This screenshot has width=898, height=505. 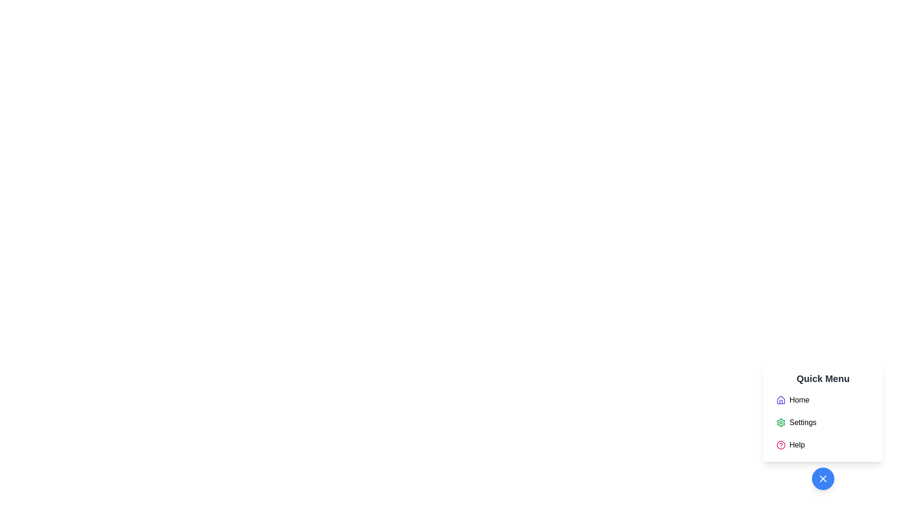 I want to click on the help text label located in the 'Quick Menu' popup panel, which is the last item in a vertical list, so click(x=797, y=445).